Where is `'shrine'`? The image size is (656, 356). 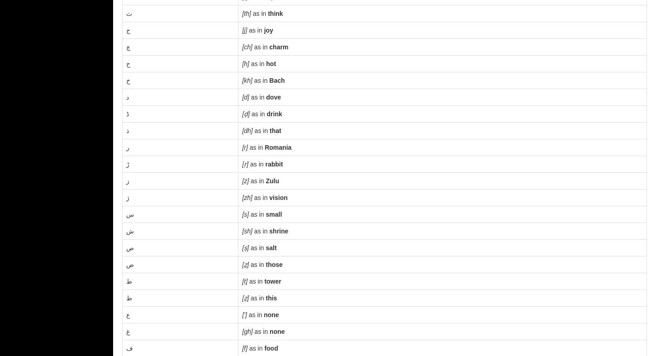
'shrine' is located at coordinates (278, 231).